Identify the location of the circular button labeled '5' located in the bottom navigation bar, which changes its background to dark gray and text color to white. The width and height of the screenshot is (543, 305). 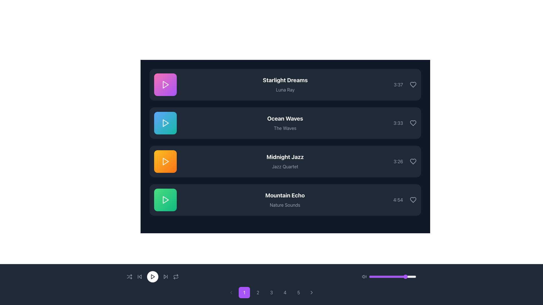
(298, 292).